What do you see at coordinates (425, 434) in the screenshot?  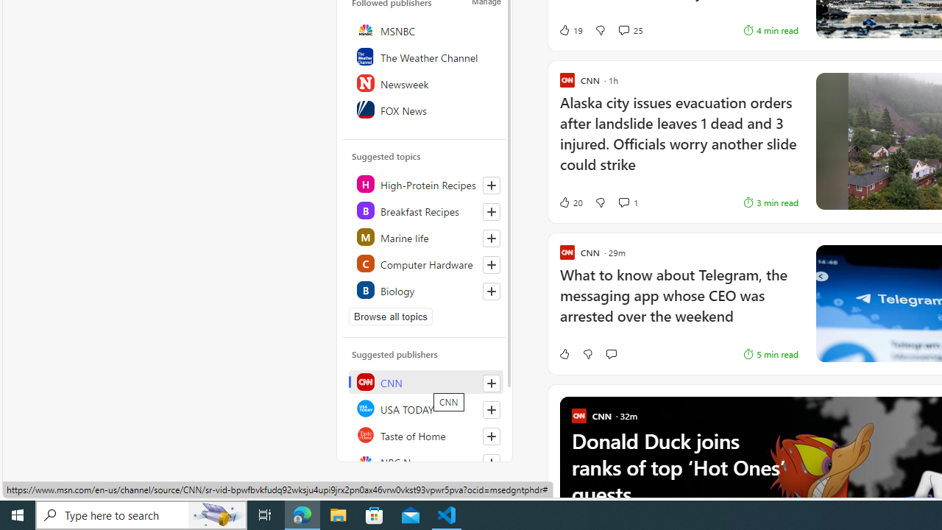 I see `'Taste of Home'` at bounding box center [425, 434].